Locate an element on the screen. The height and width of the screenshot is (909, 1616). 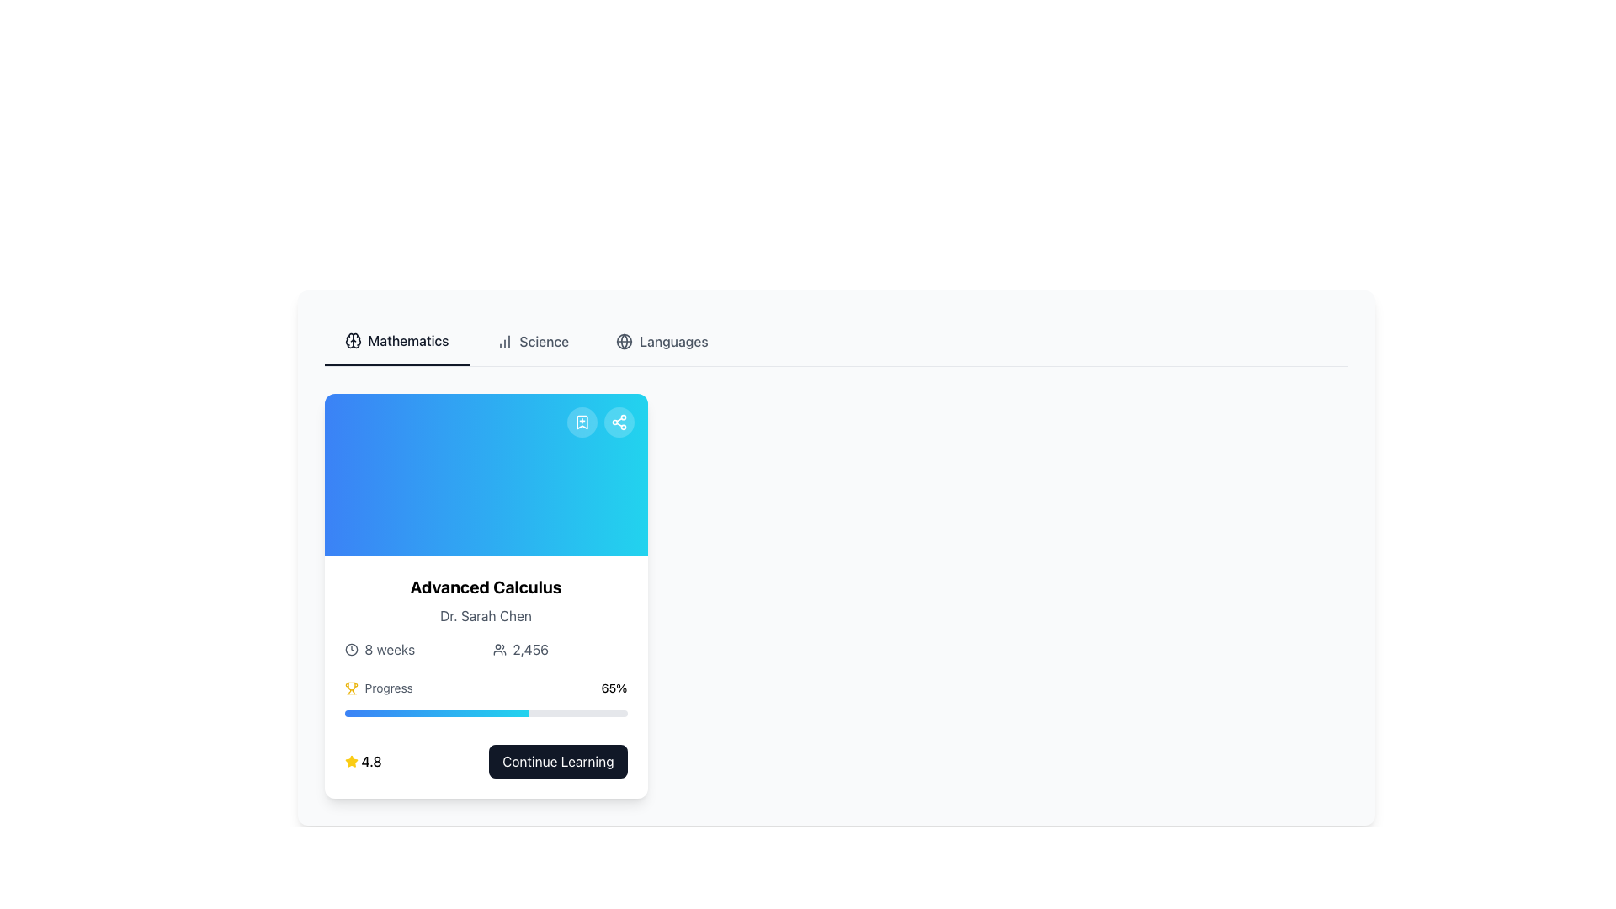
the minimalistic clock icon located to the left of the text '8 weeks' in the top-left corner of the card is located at coordinates (350, 648).